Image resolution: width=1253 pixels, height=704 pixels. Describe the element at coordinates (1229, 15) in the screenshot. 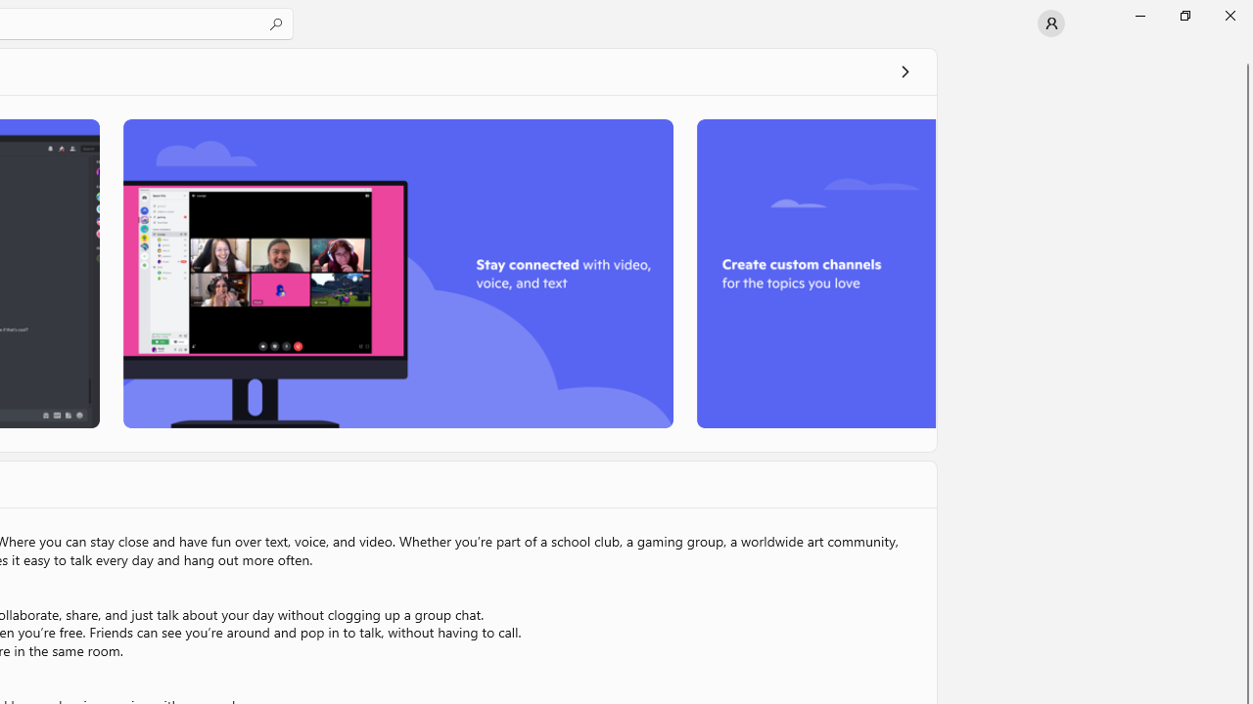

I see `'Close Microsoft Store'` at that location.